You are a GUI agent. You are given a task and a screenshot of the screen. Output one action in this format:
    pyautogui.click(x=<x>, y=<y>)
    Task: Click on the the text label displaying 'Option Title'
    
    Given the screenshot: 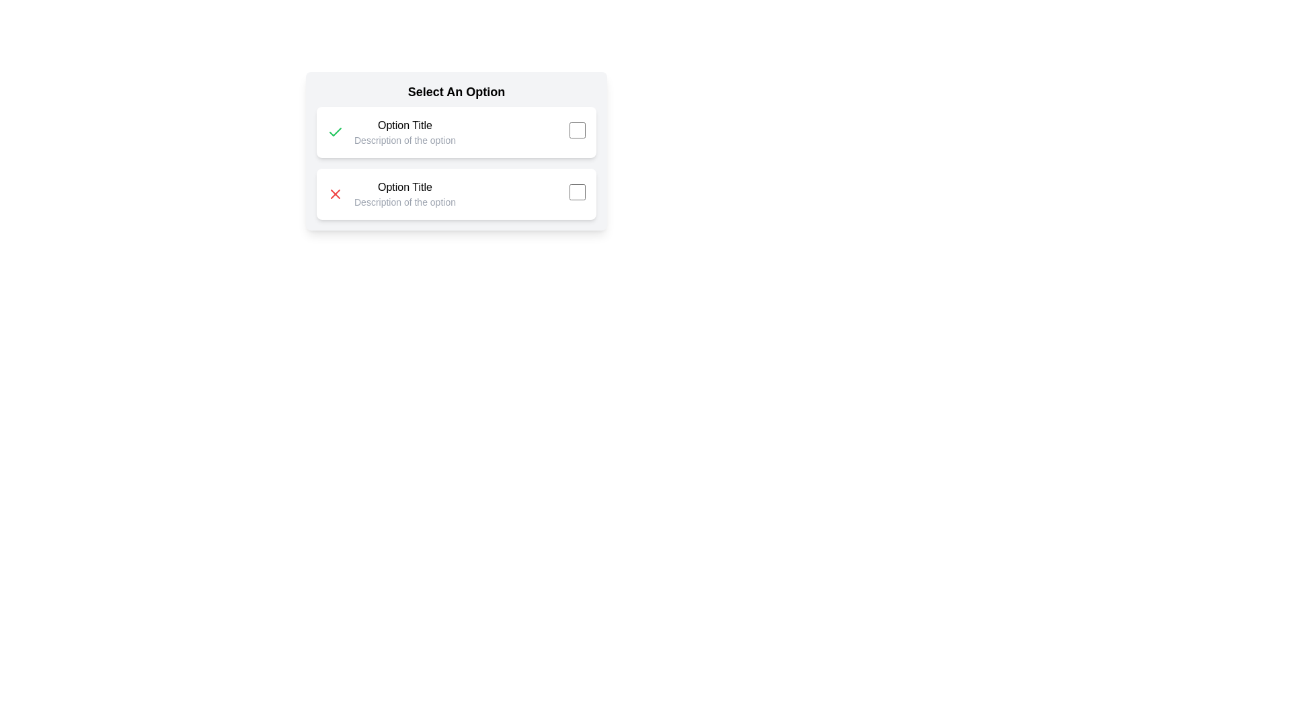 What is the action you would take?
    pyautogui.click(x=404, y=125)
    